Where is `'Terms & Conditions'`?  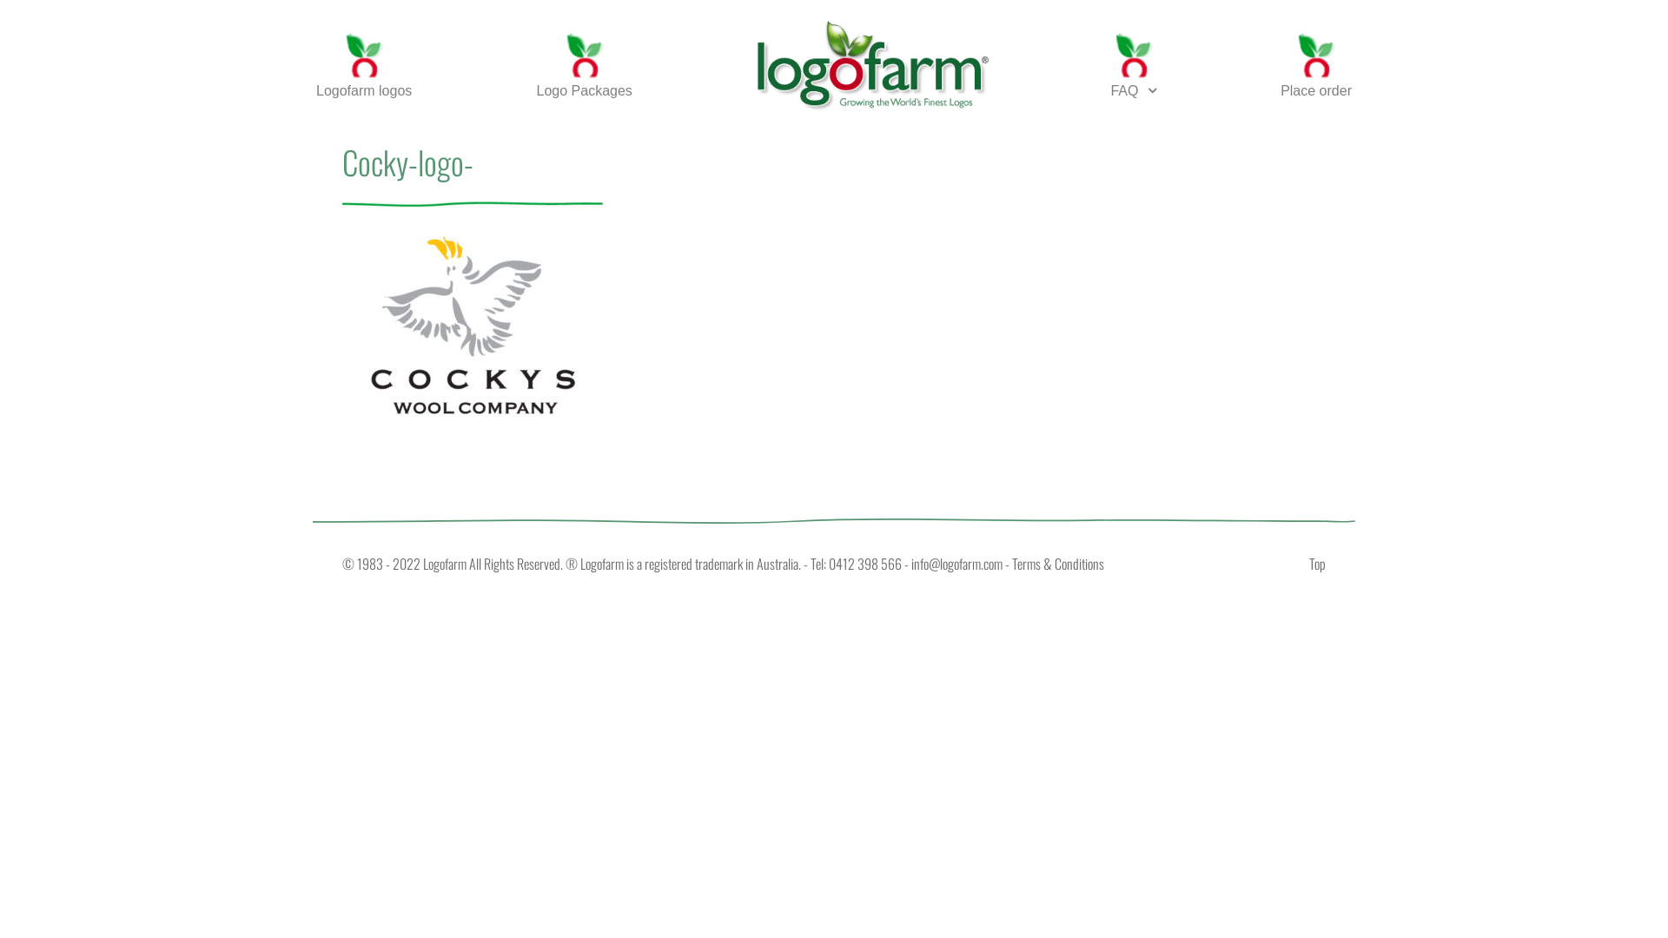 'Terms & Conditions' is located at coordinates (1057, 563).